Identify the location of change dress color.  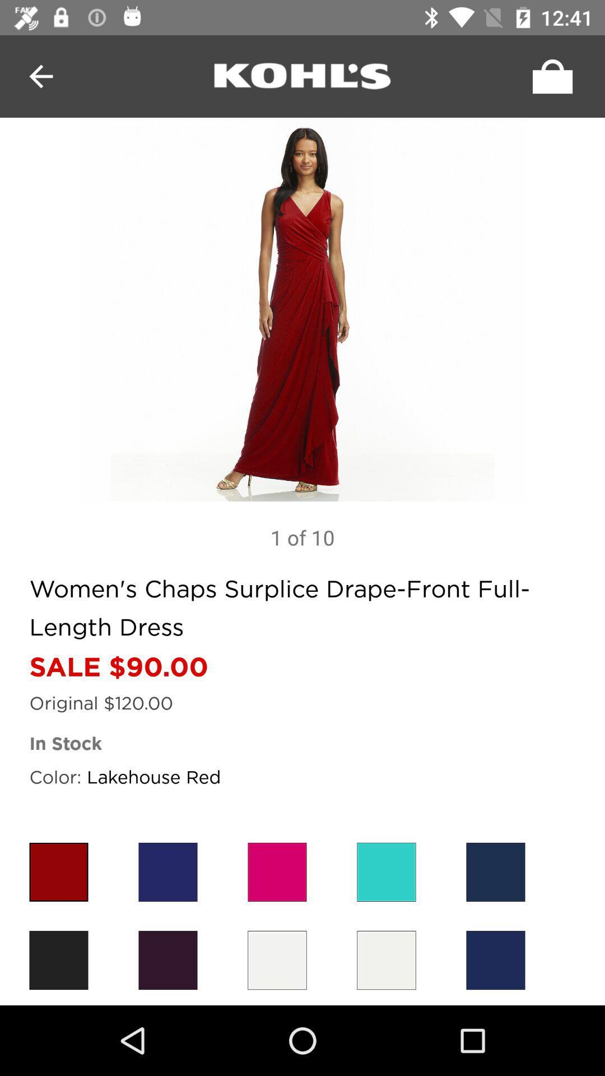
(58, 959).